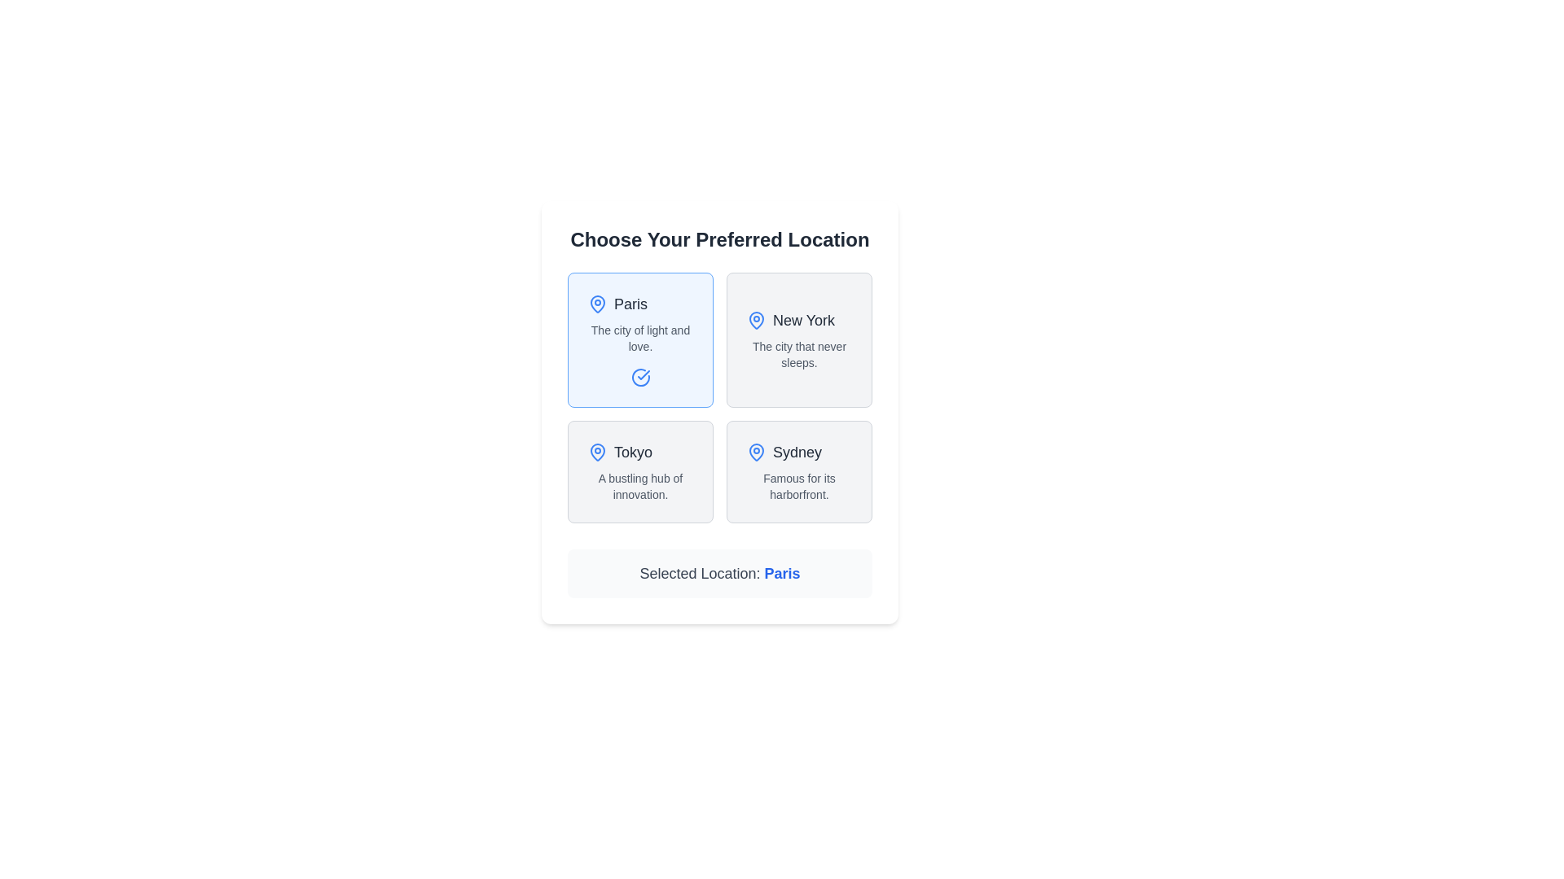  Describe the element at coordinates (799, 452) in the screenshot. I see `'Sydney' label with a blue map pin icon, which is displayed in medium-sized gray font within the bottom-right city choice card` at that location.